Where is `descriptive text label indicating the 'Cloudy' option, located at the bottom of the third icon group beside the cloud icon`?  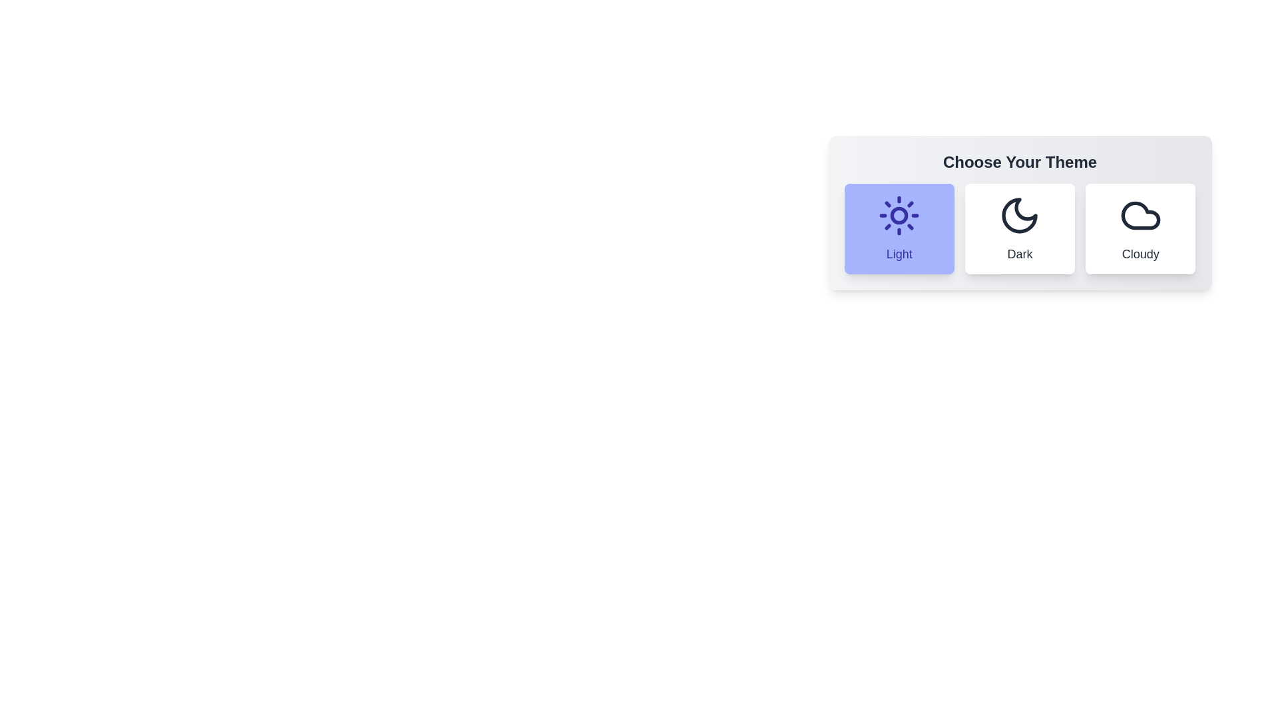 descriptive text label indicating the 'Cloudy' option, located at the bottom of the third icon group beside the cloud icon is located at coordinates (1140, 254).